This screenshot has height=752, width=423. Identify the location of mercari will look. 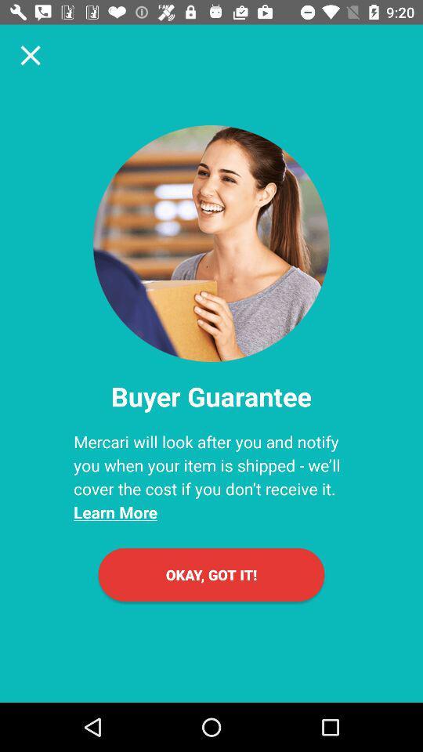
(211, 476).